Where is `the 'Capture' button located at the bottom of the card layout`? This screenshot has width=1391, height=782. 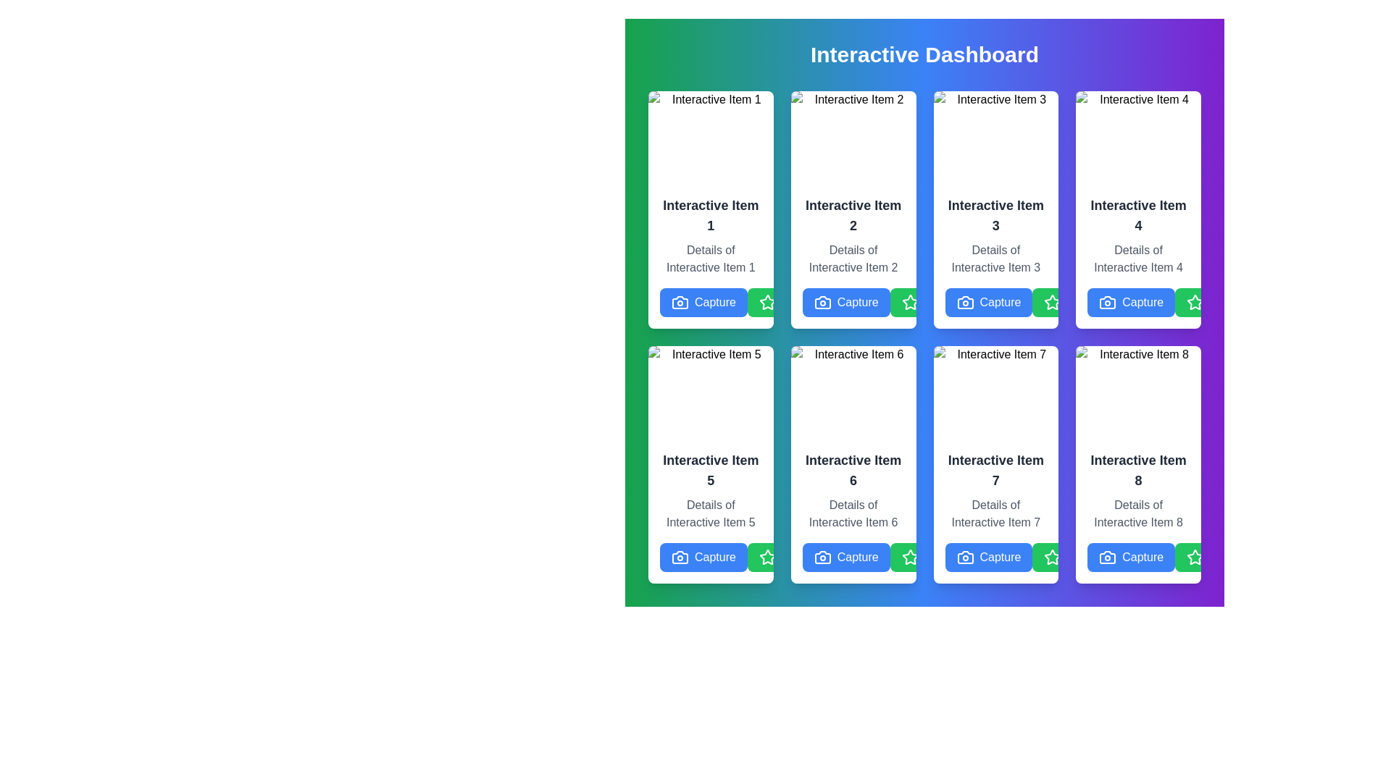 the 'Capture' button located at the bottom of the card layout is located at coordinates (846, 557).